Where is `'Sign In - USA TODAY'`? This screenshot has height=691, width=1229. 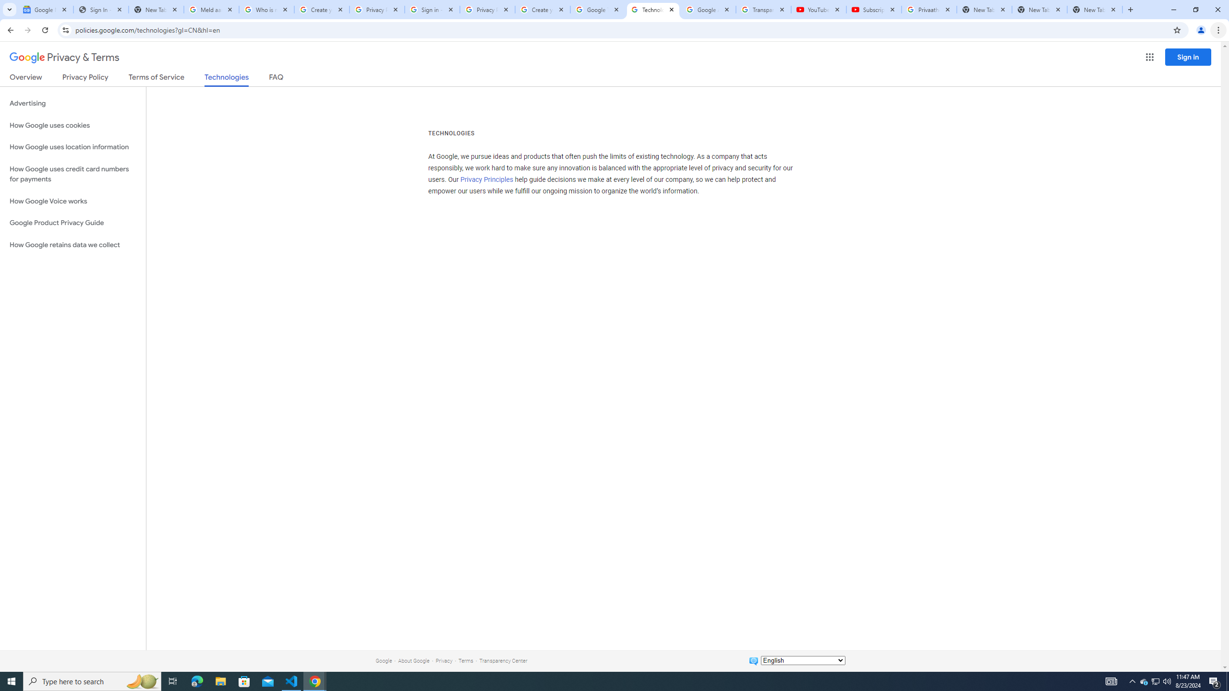
'Sign In - USA TODAY' is located at coordinates (100, 9).